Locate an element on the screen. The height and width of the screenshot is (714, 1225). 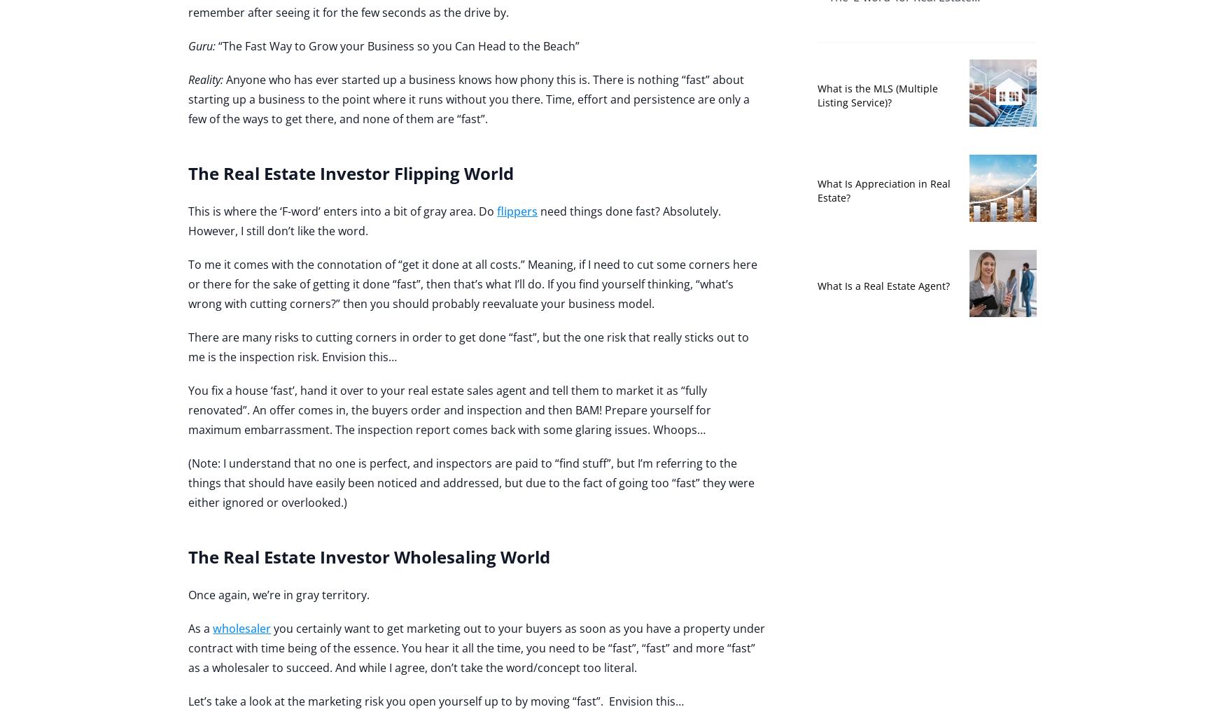
'The Real Estate Investor Flipping World' is located at coordinates (350, 173).